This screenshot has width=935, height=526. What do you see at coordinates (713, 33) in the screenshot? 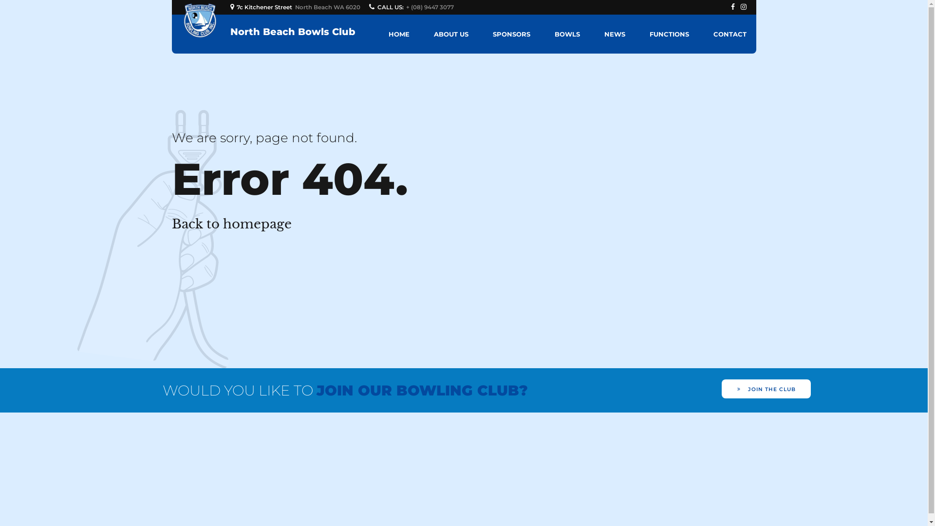
I see `'CONTACT'` at bounding box center [713, 33].